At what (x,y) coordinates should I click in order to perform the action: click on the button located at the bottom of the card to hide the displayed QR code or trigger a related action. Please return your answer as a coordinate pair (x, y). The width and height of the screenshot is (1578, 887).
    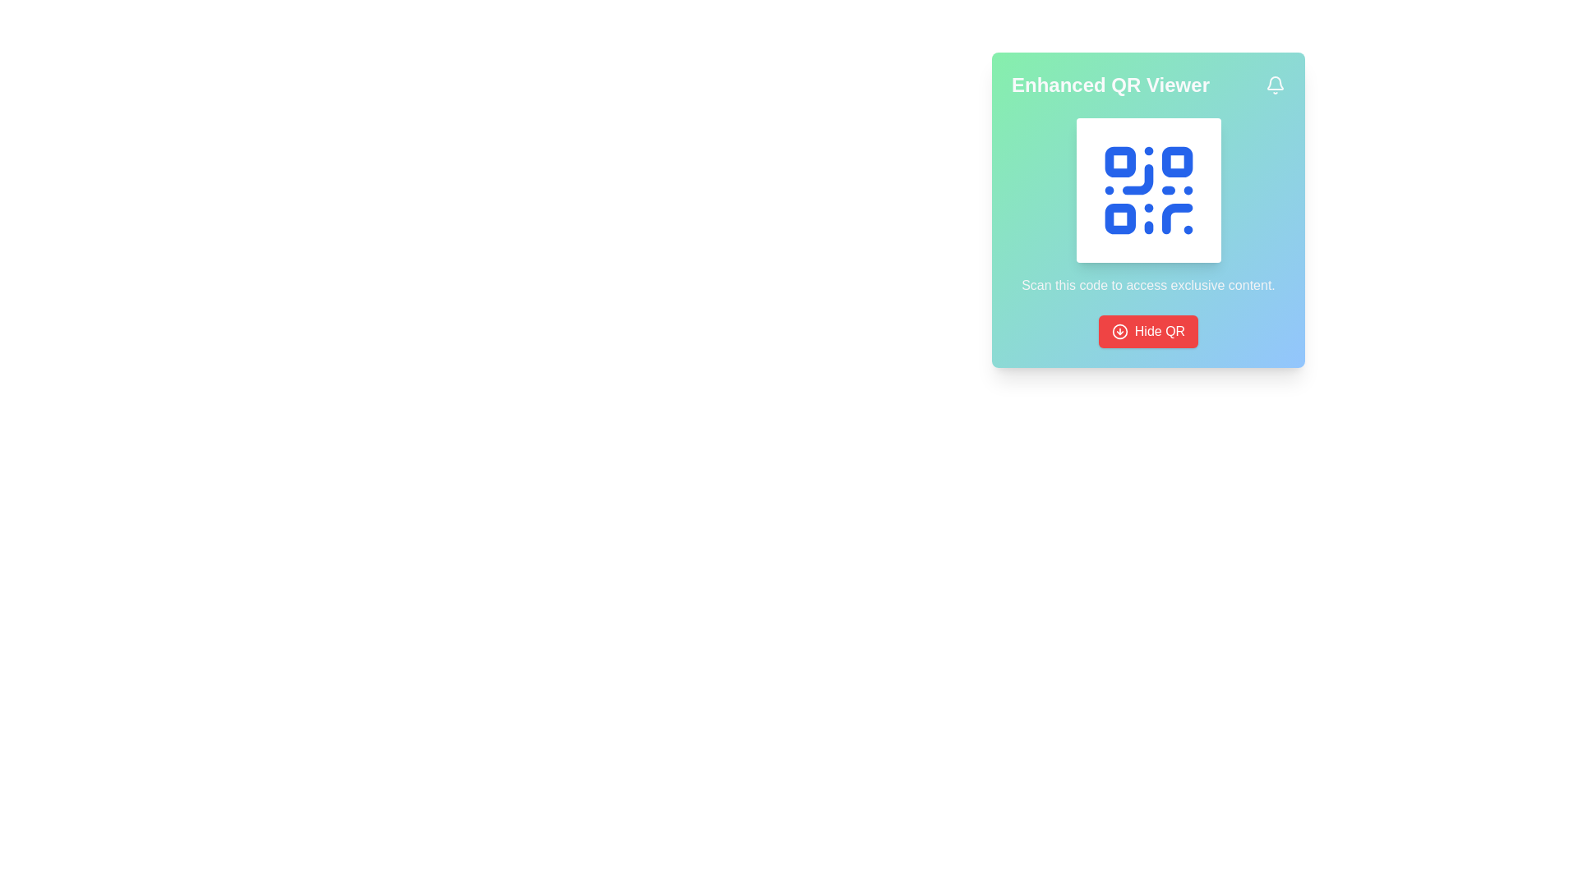
    Looking at the image, I should click on (1147, 332).